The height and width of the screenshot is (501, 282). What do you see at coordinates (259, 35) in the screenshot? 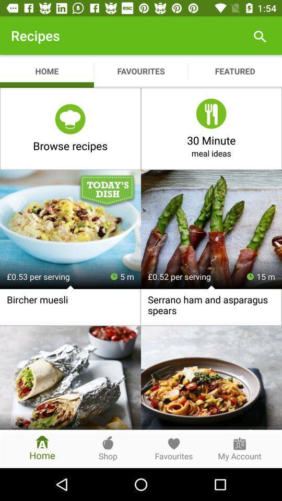
I see `icon above featured app` at bounding box center [259, 35].